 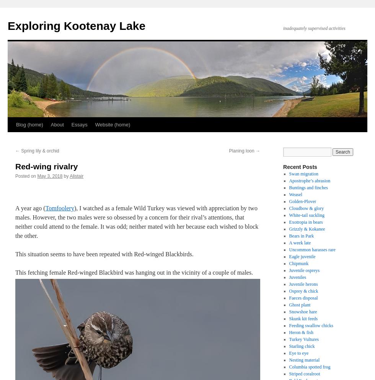 What do you see at coordinates (307, 228) in the screenshot?
I see `'Grizzly & Kokanee'` at bounding box center [307, 228].